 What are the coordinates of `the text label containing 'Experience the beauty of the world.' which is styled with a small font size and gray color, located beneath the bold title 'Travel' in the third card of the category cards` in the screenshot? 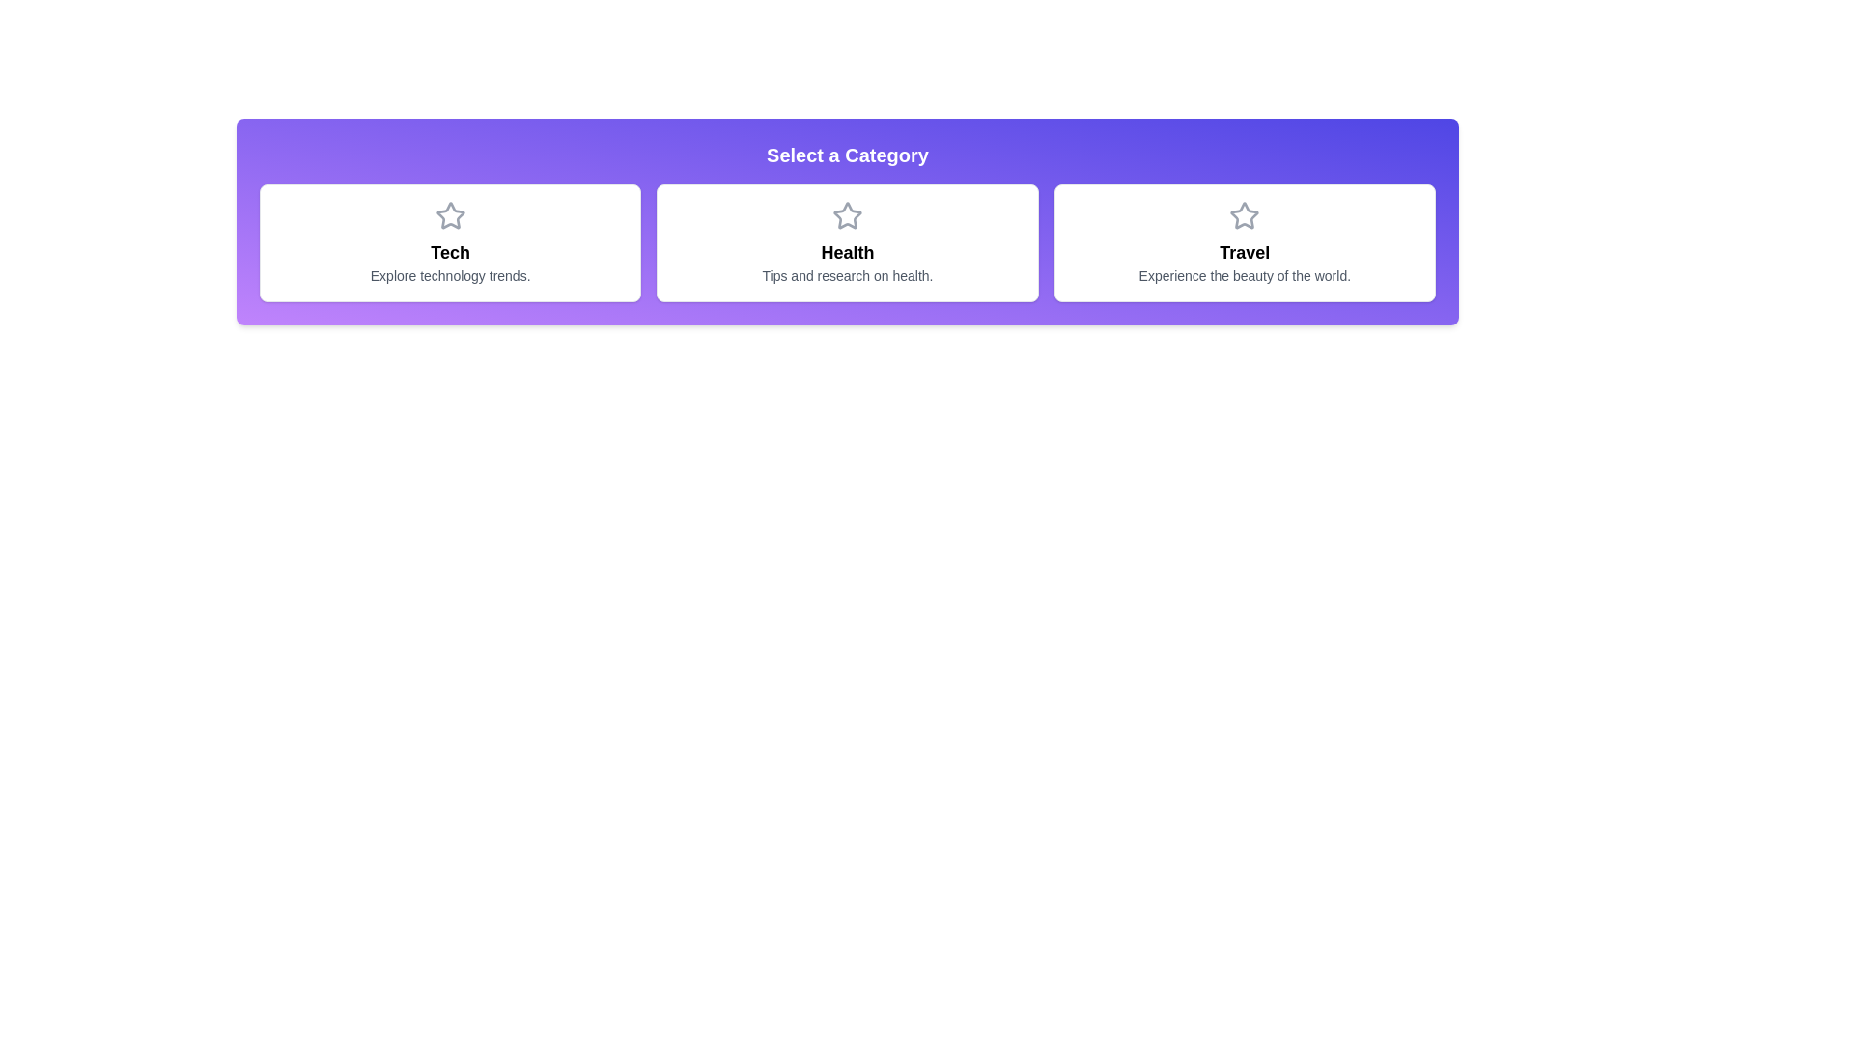 It's located at (1245, 275).